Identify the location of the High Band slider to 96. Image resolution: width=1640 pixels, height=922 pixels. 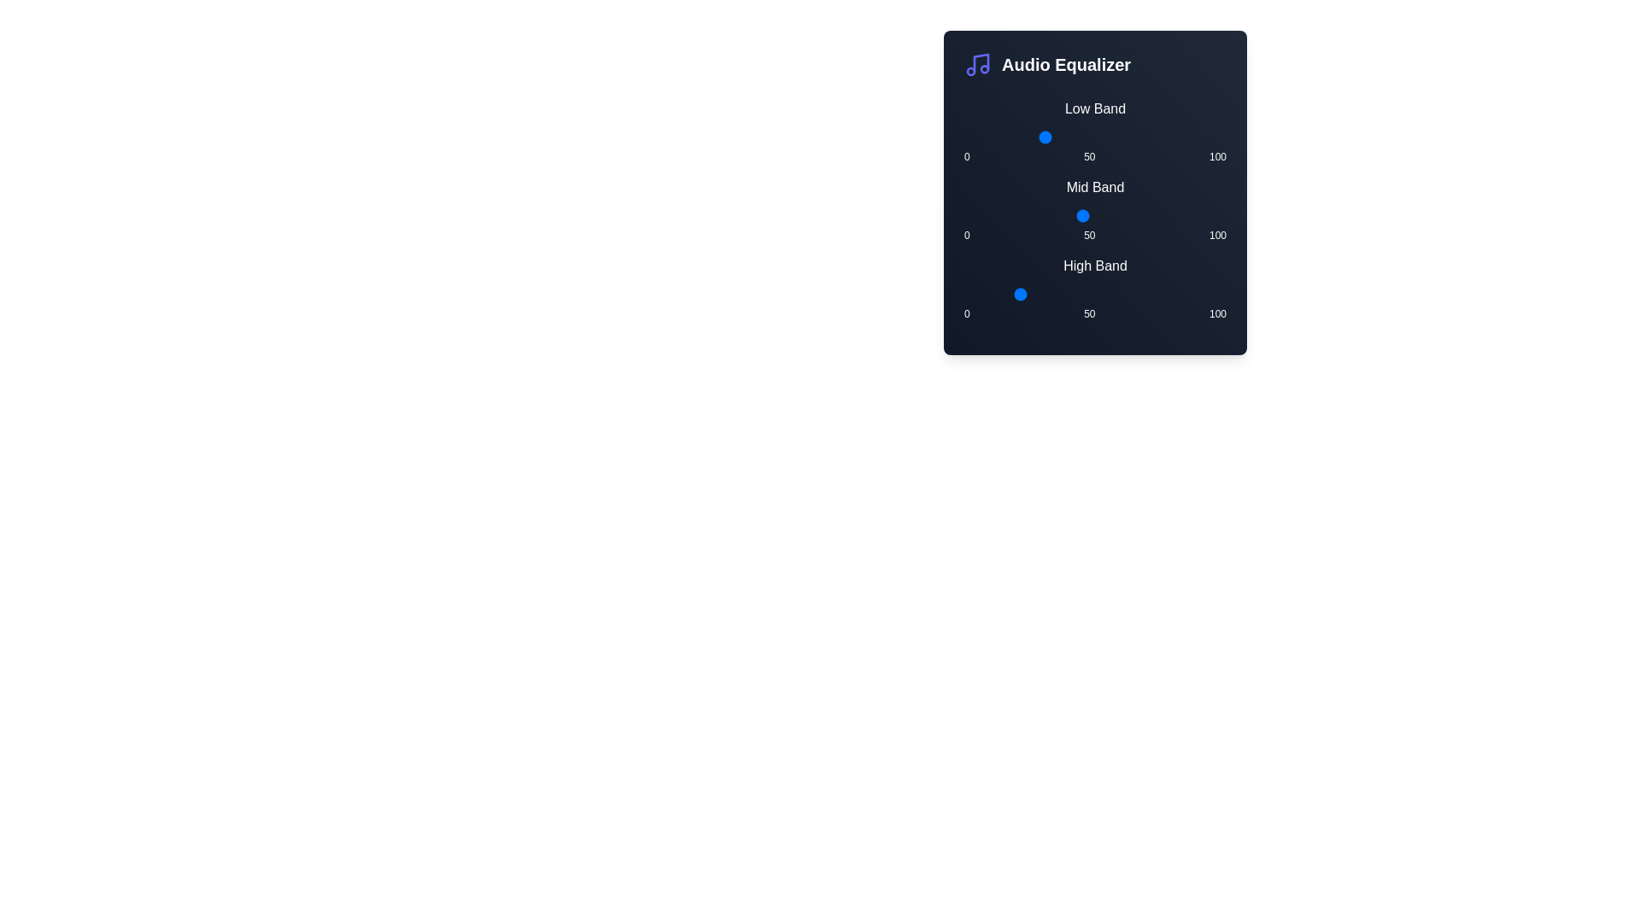
(1215, 293).